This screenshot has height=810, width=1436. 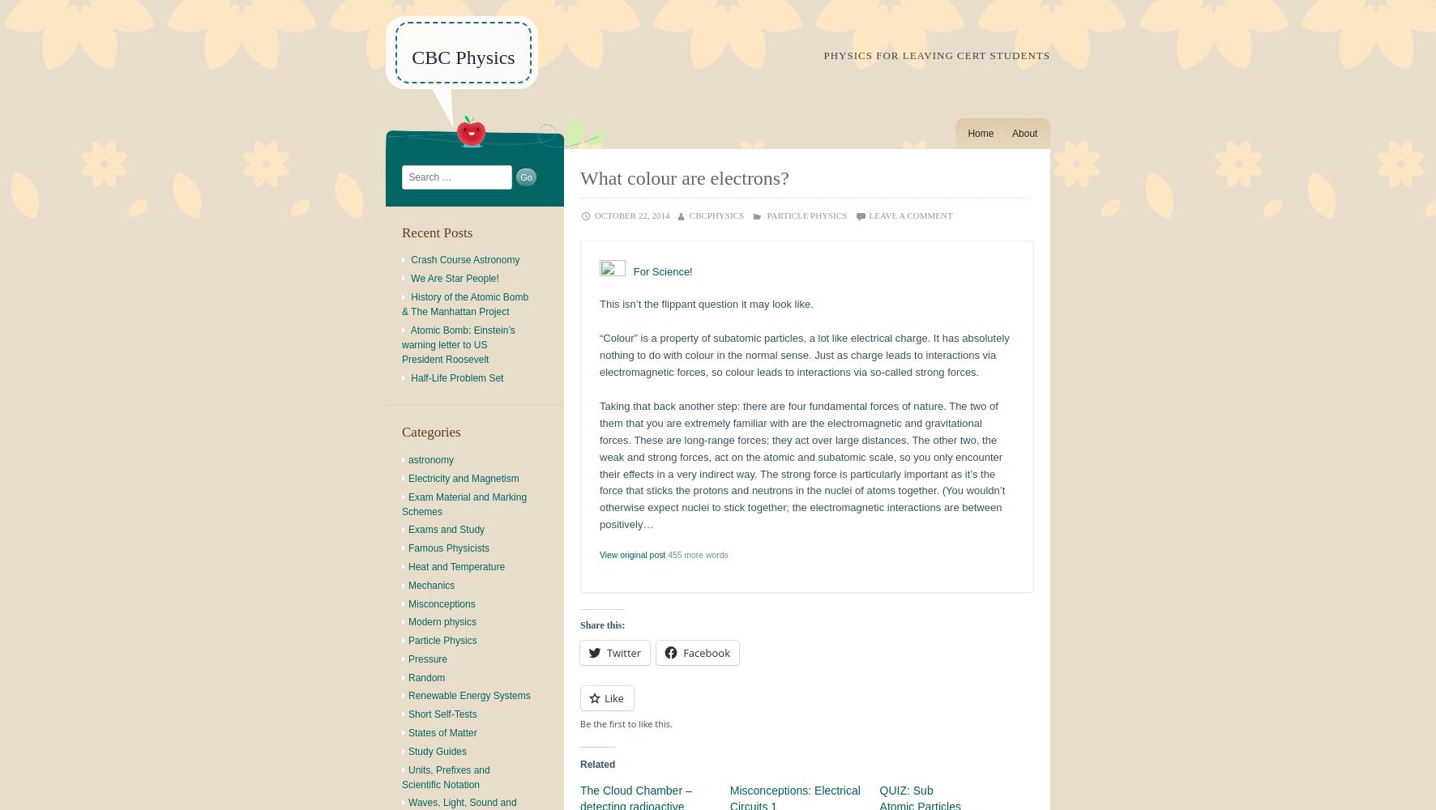 I want to click on 'Menu', so click(x=966, y=126).